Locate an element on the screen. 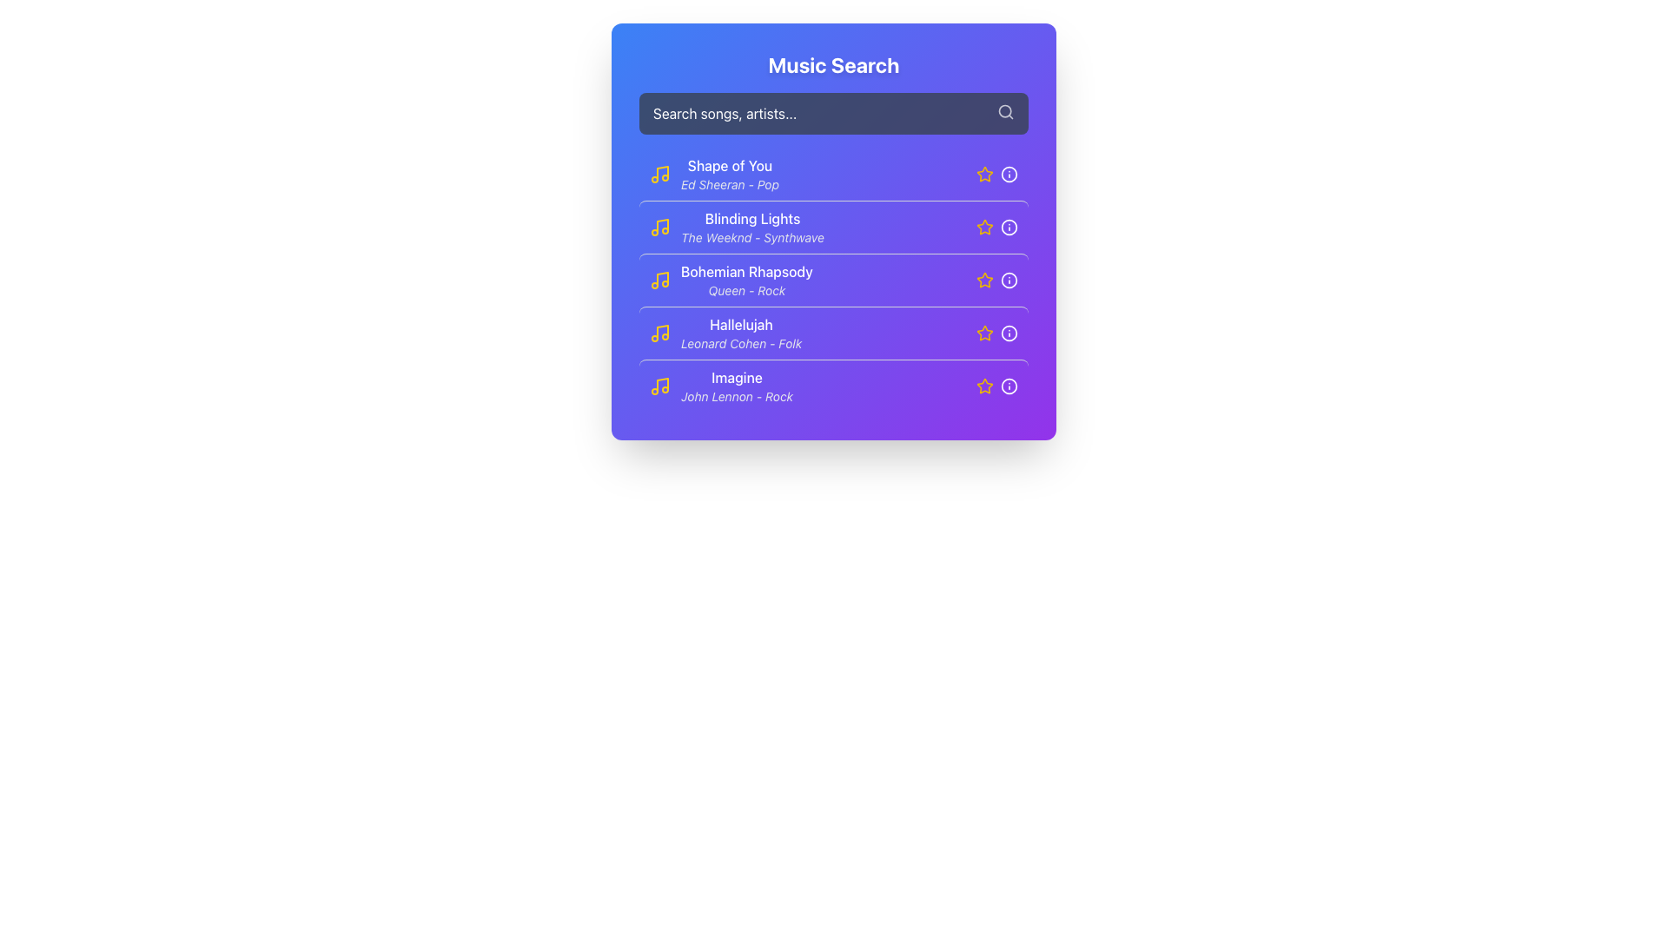 The height and width of the screenshot is (938, 1668). the first music entry list item with a purple gradient background, which contains the title 'Shape of You' and is located just below the search bar is located at coordinates (834, 174).